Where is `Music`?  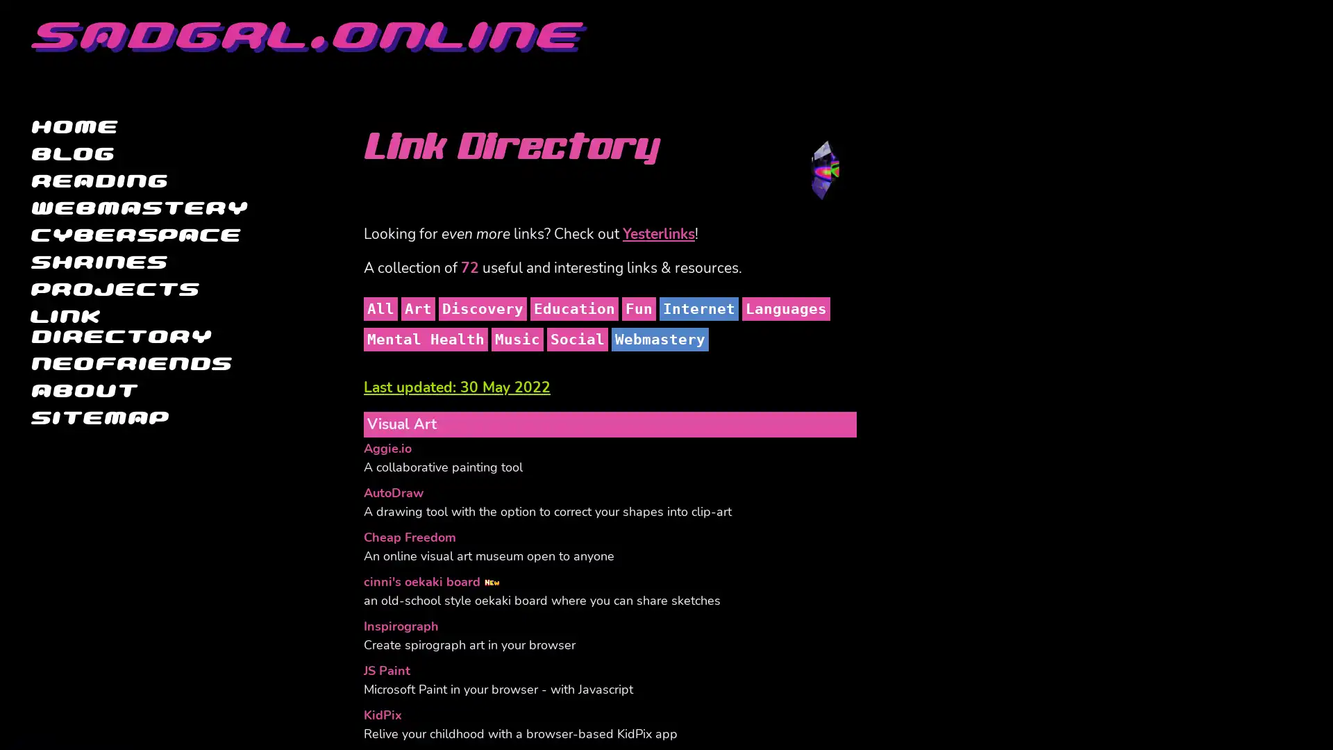 Music is located at coordinates (517, 339).